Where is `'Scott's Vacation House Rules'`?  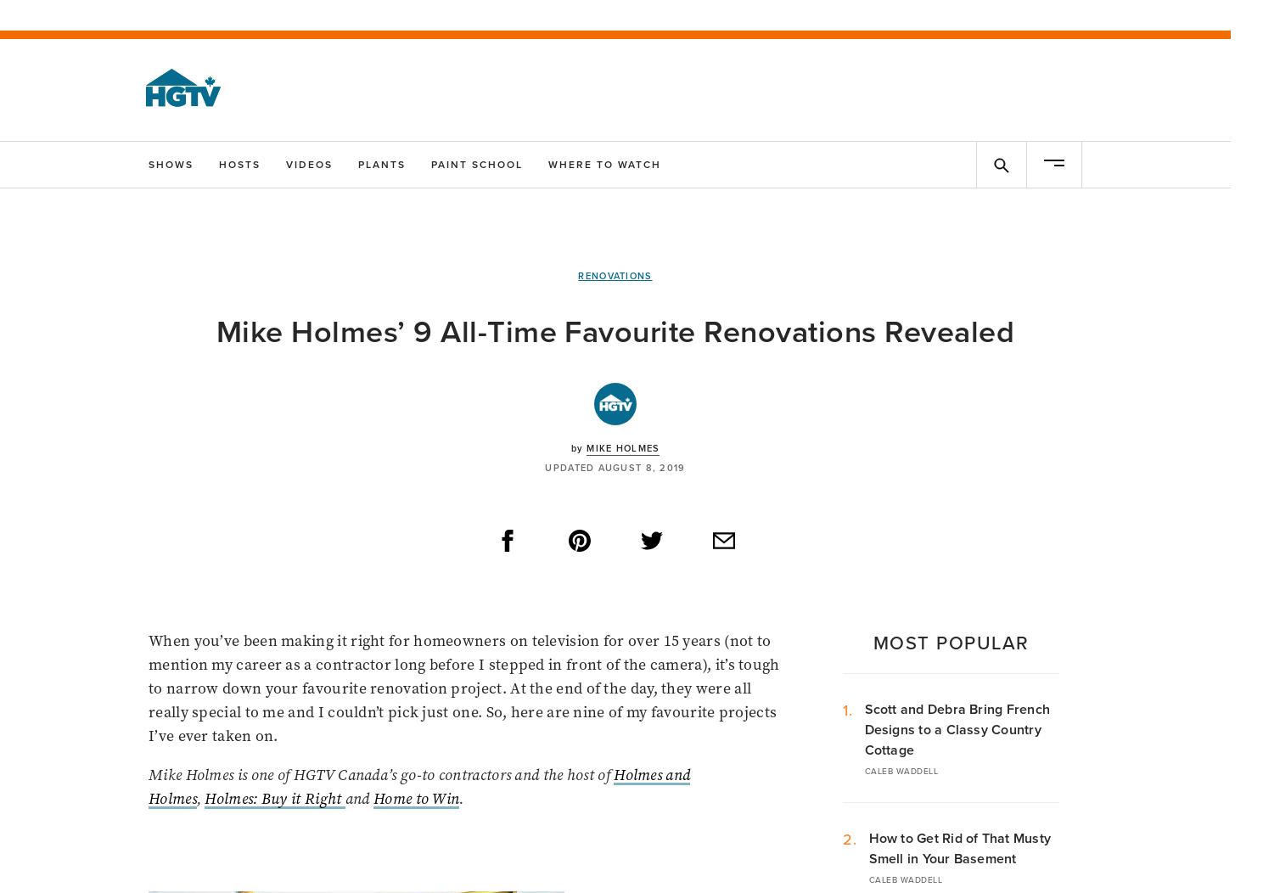
'Scott's Vacation House Rules' is located at coordinates (692, 801).